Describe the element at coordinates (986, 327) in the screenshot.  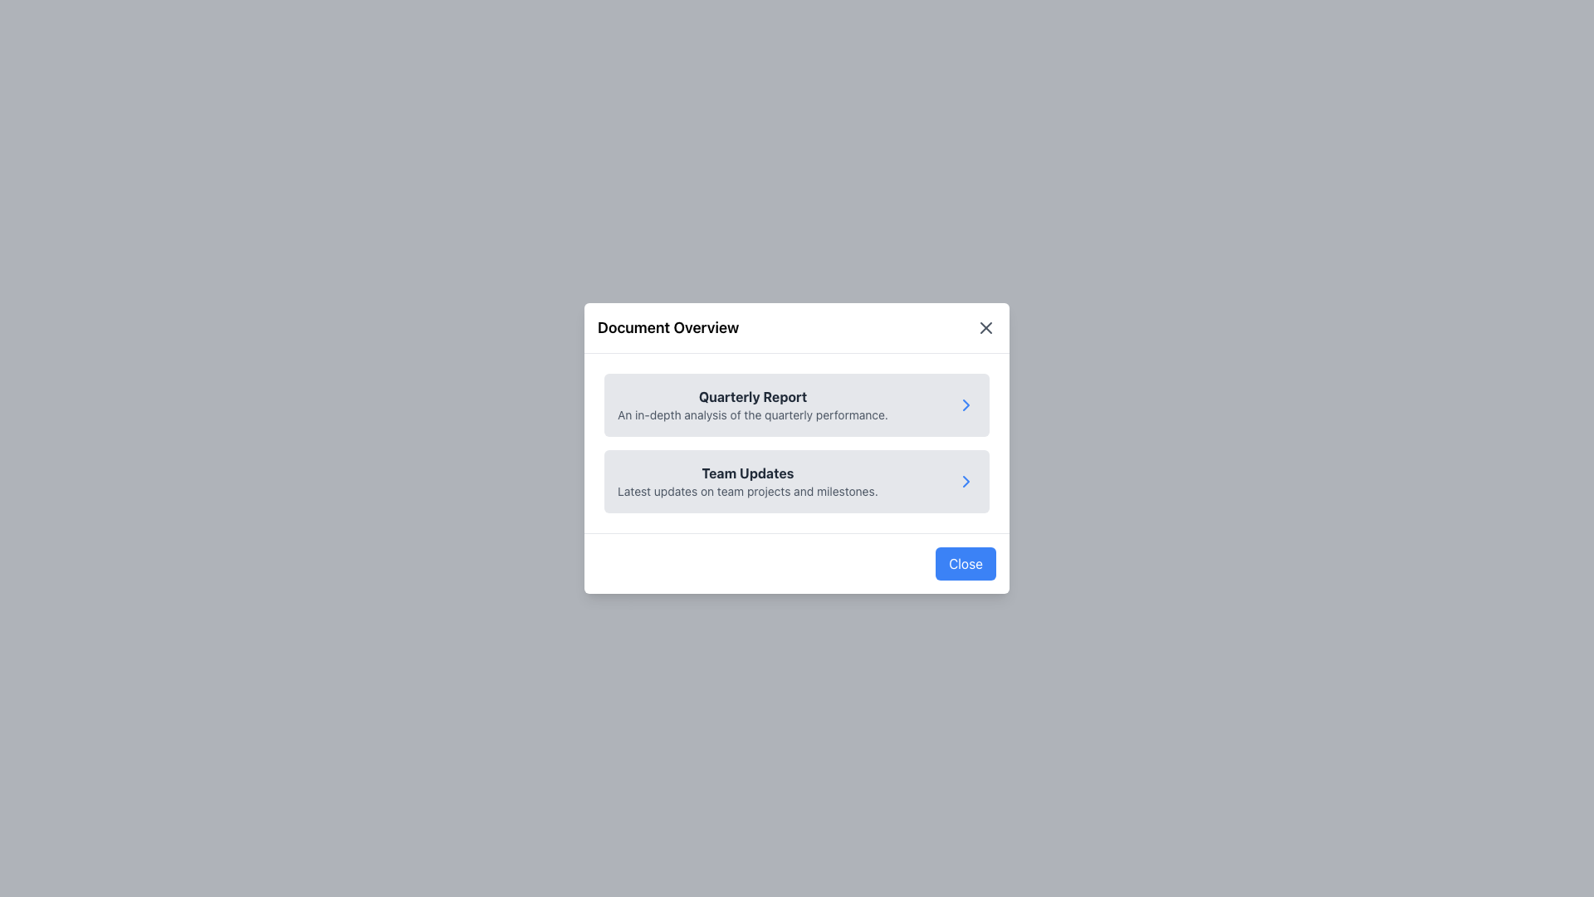
I see `the close icon located at the top-right corner of the modal header` at that location.